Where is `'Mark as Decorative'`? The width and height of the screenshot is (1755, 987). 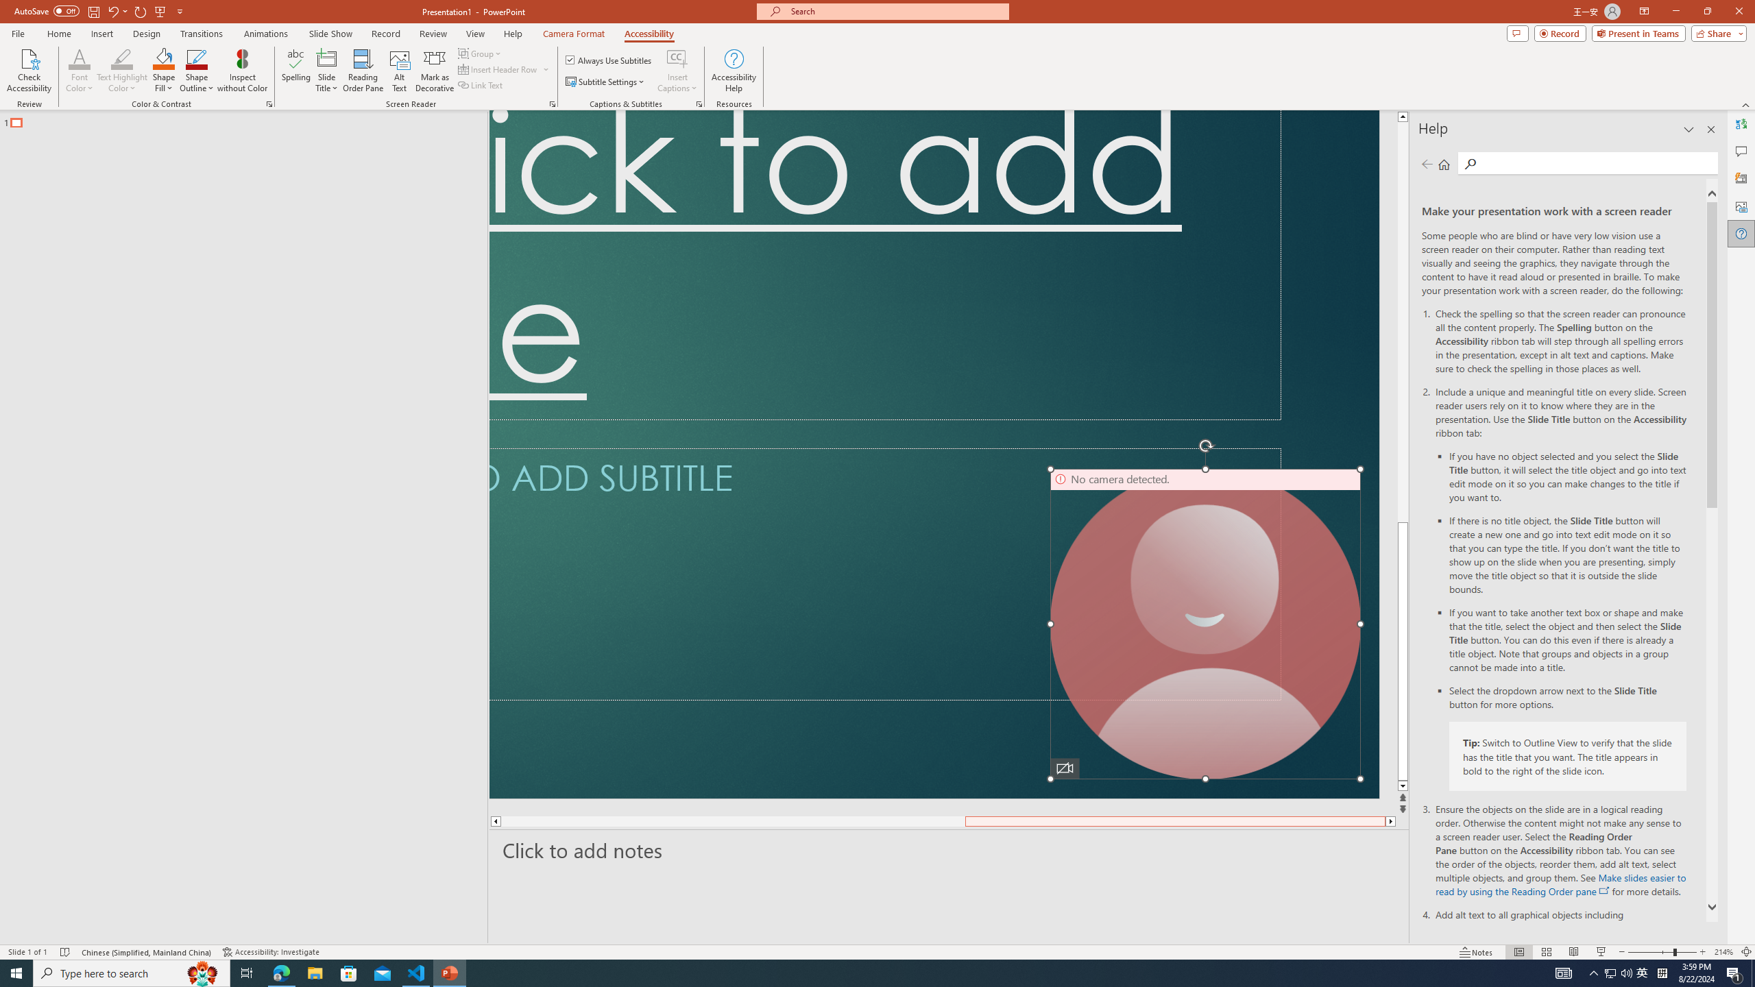 'Mark as Decorative' is located at coordinates (434, 71).